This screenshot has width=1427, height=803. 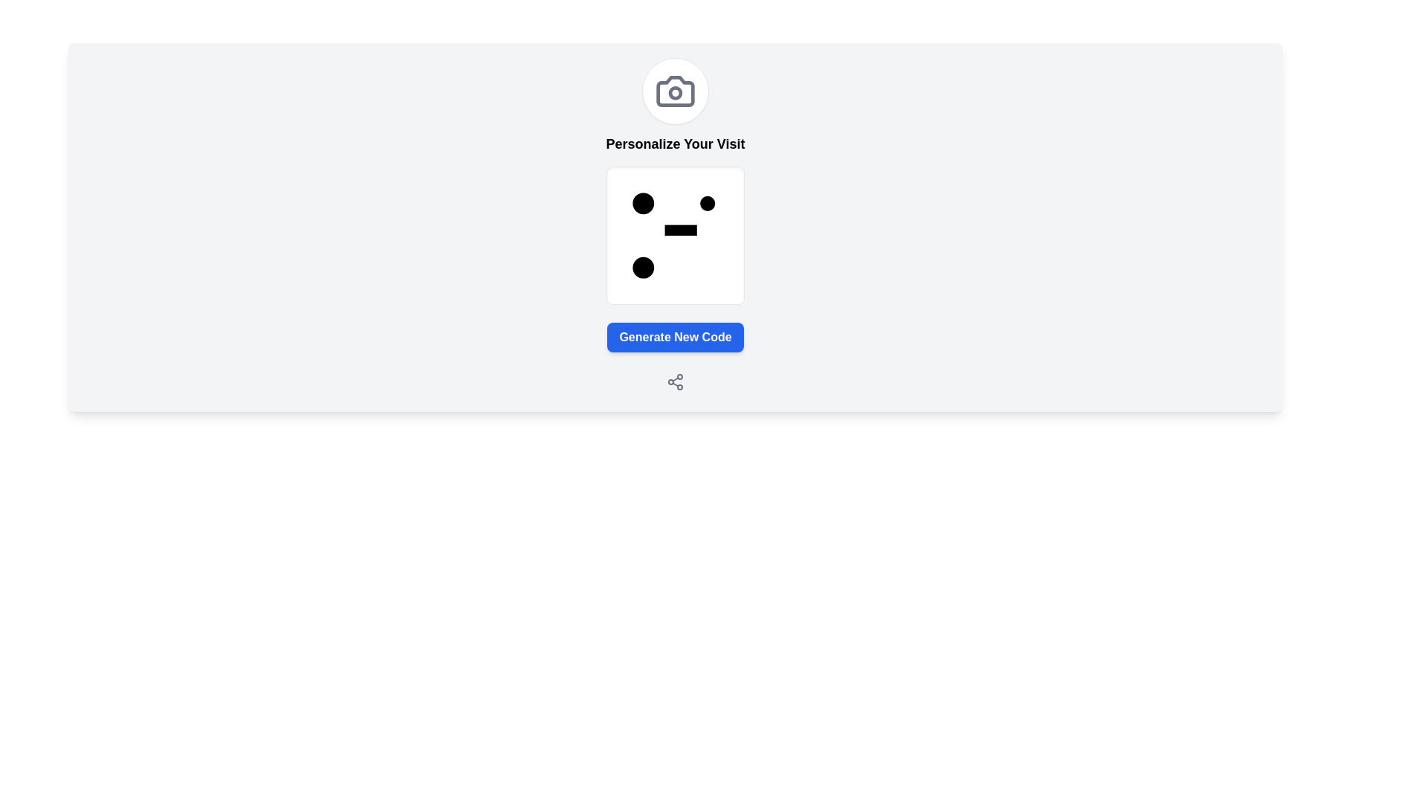 I want to click on the button located below the white square panel with black visual elements and the text 'Personalize Your Visit', so click(x=674, y=338).